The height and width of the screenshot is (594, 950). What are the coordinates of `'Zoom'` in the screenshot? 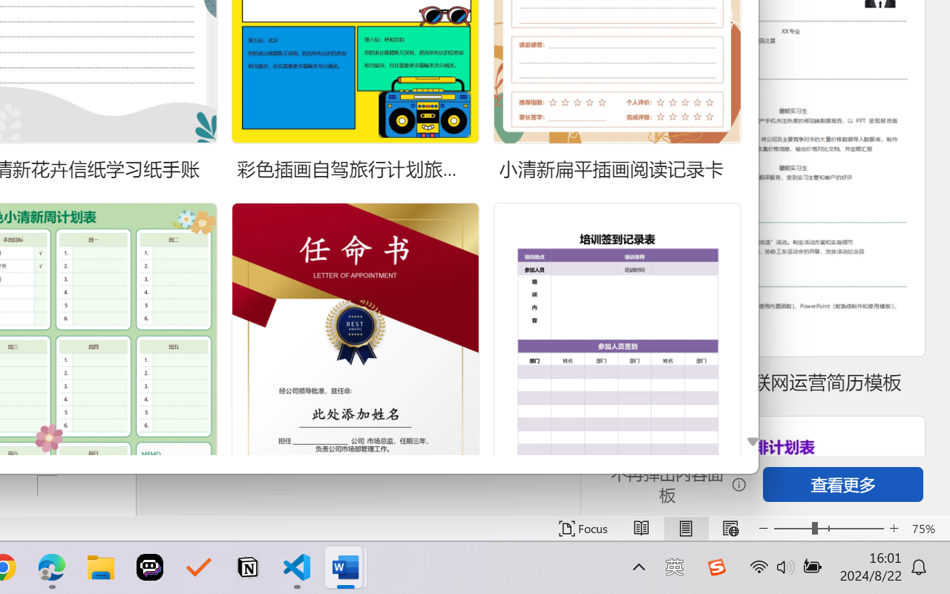 It's located at (828, 528).